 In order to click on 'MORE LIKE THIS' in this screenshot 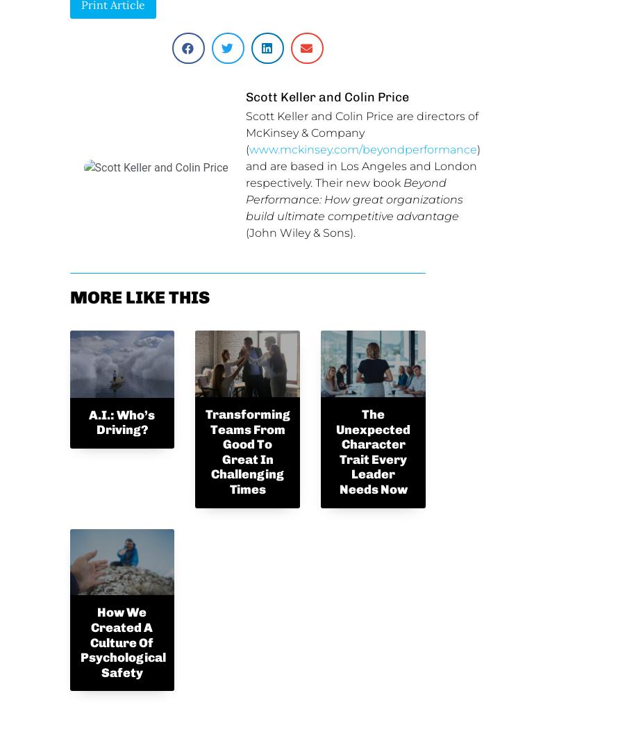, I will do `click(139, 296)`.